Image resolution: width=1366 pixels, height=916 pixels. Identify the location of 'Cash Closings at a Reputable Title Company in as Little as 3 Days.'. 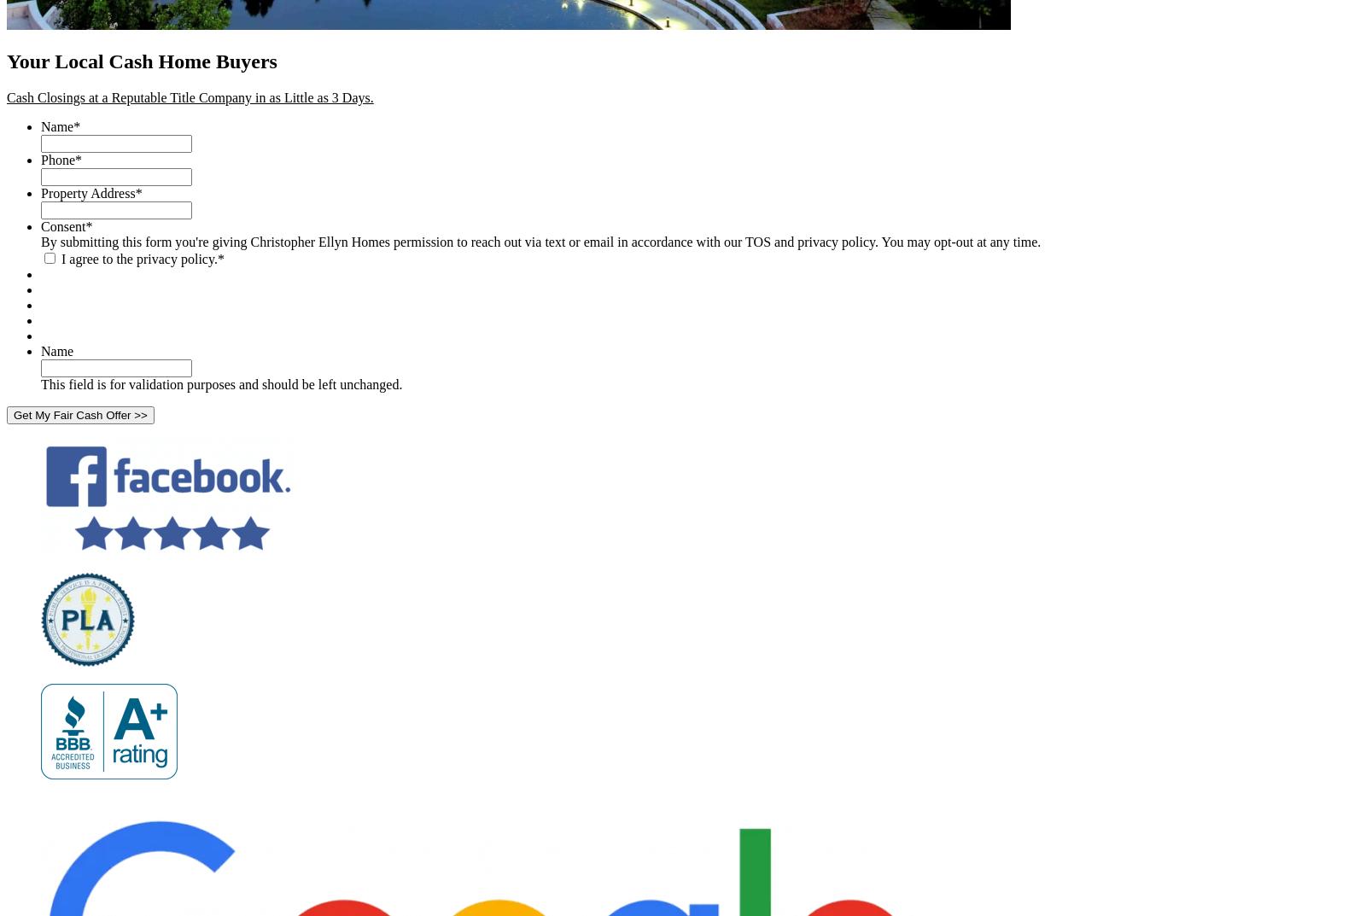
(190, 96).